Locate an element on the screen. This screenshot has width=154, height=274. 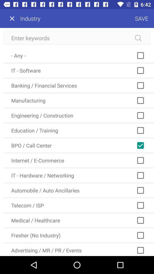
the automobile / auto ancillaries item is located at coordinates (78, 190).